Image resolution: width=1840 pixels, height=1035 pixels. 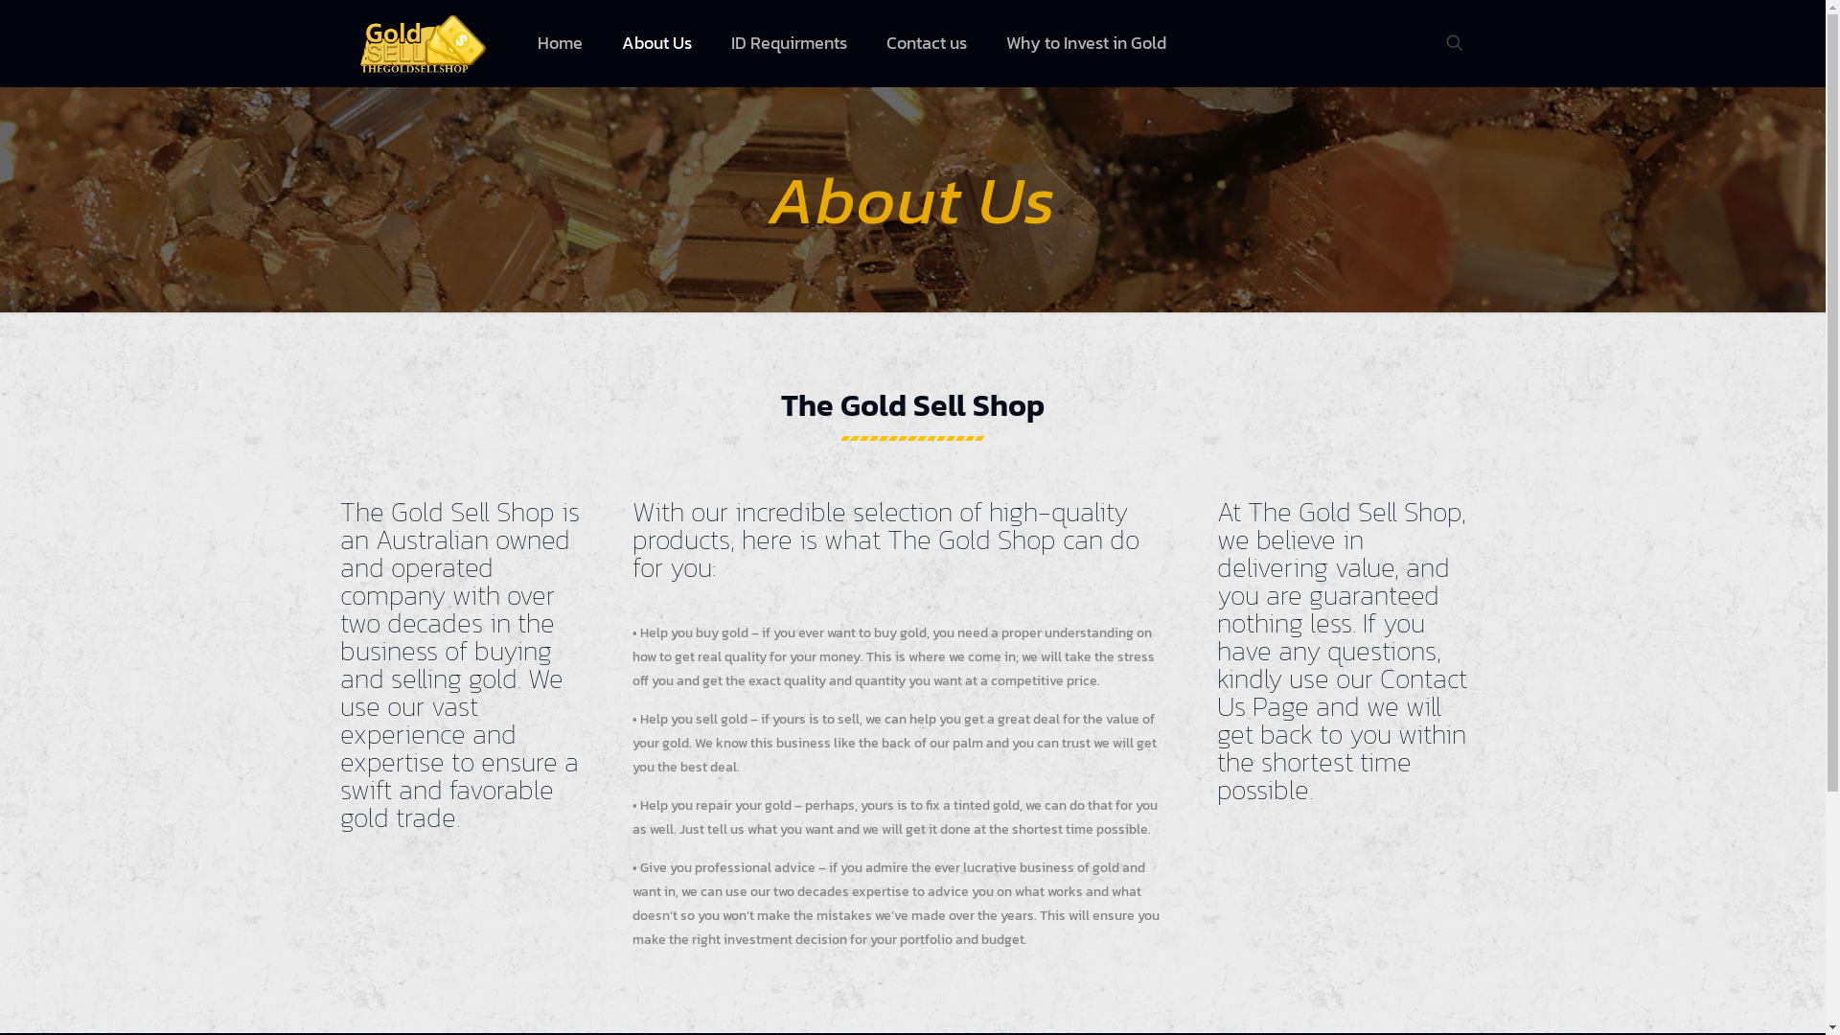 What do you see at coordinates (927, 43) in the screenshot?
I see `'Contact us'` at bounding box center [927, 43].